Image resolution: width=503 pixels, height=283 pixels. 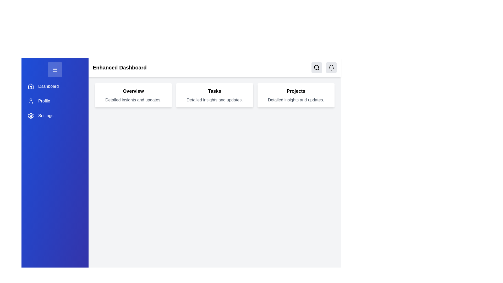 I want to click on the title text label located in the top-left card of the main content area, above the descriptive text 'Detailed insights and updates', so click(x=133, y=91).